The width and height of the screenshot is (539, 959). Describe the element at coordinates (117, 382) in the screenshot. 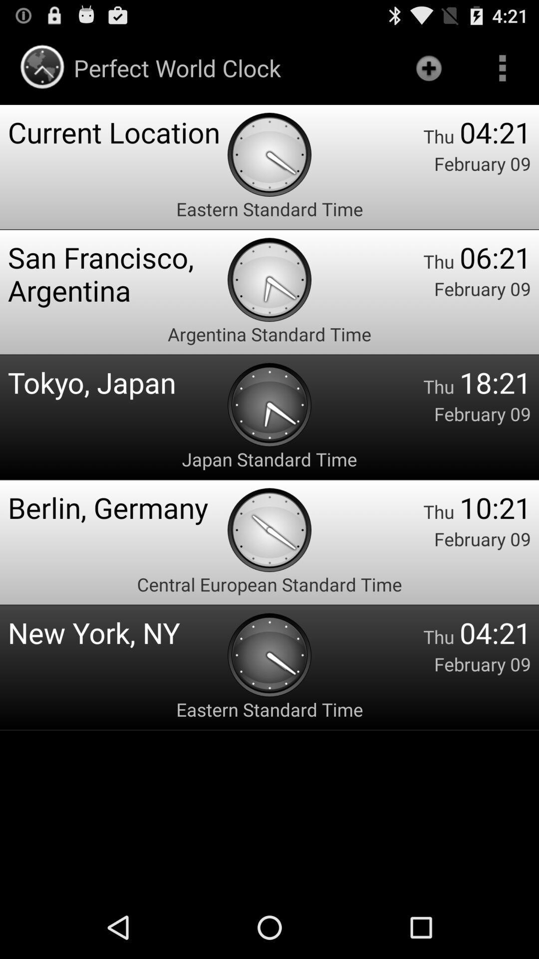

I see `tokyo, japan app` at that location.